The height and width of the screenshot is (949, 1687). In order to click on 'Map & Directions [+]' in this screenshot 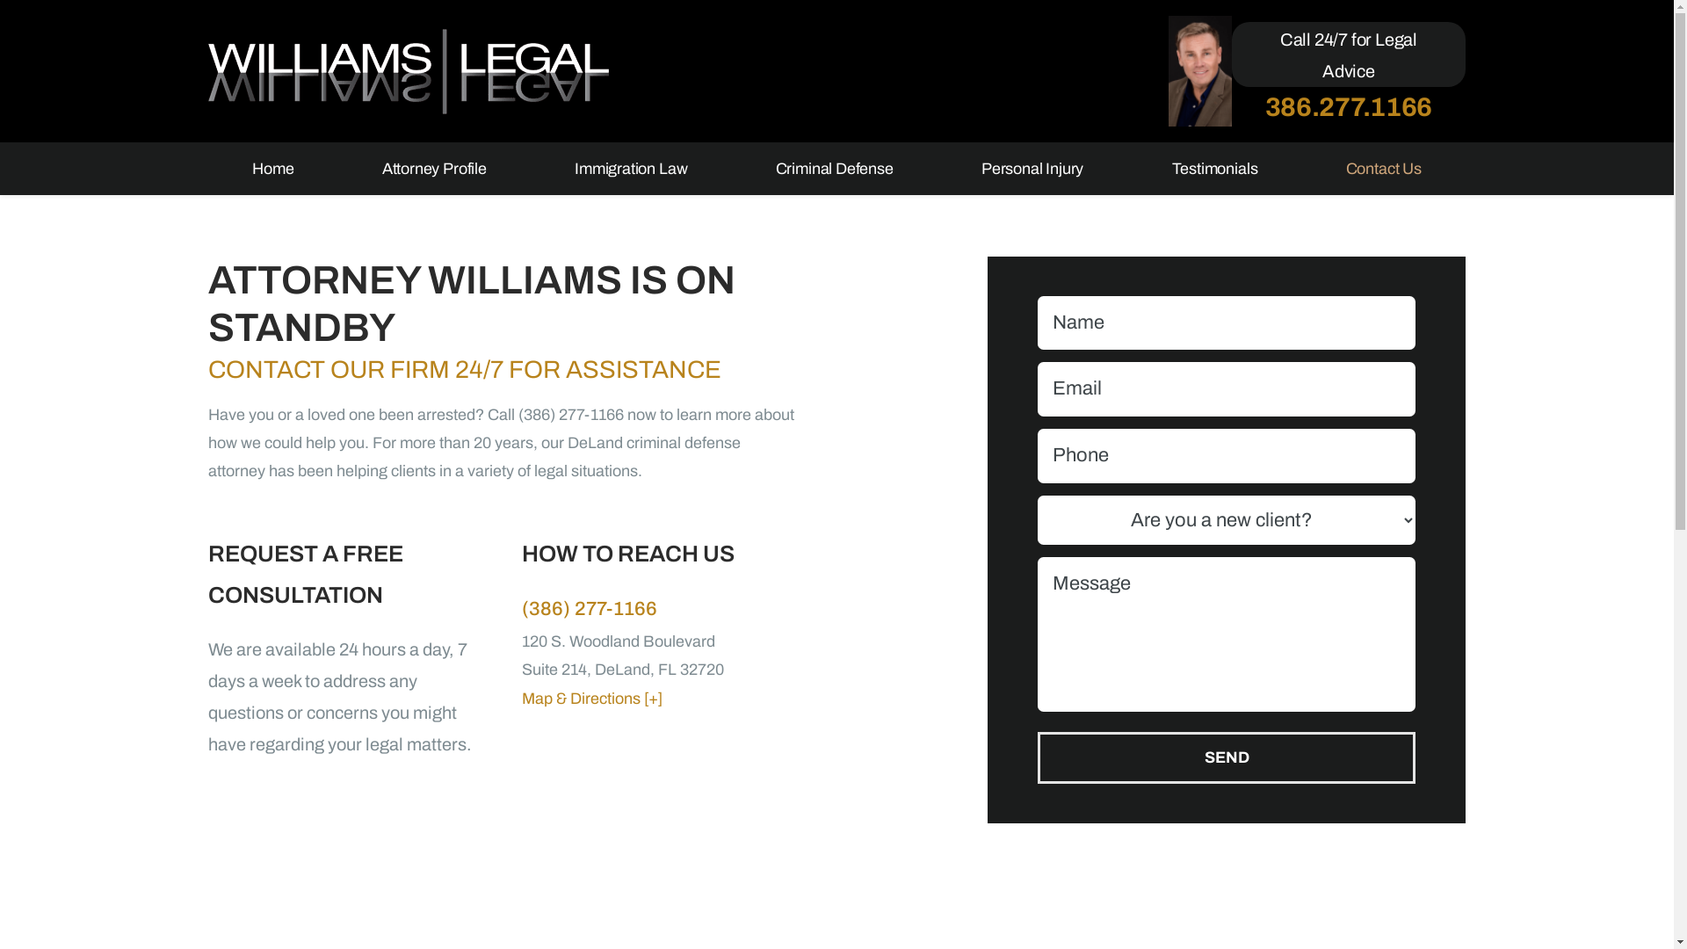, I will do `click(521, 697)`.